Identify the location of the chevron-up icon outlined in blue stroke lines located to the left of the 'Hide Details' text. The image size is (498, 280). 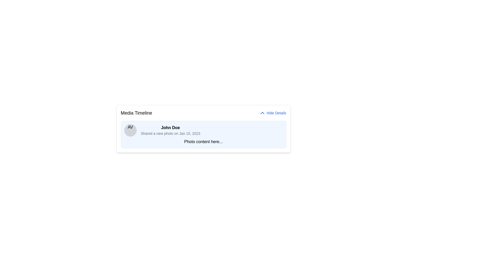
(262, 113).